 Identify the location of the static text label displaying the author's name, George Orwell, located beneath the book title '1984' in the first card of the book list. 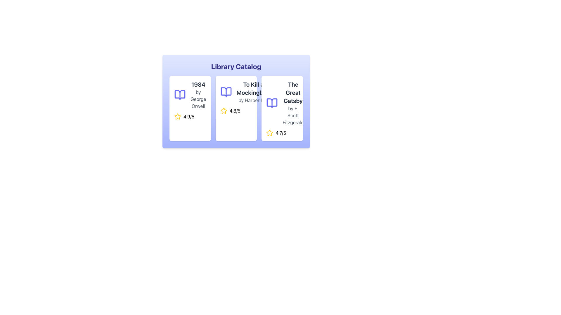
(198, 99).